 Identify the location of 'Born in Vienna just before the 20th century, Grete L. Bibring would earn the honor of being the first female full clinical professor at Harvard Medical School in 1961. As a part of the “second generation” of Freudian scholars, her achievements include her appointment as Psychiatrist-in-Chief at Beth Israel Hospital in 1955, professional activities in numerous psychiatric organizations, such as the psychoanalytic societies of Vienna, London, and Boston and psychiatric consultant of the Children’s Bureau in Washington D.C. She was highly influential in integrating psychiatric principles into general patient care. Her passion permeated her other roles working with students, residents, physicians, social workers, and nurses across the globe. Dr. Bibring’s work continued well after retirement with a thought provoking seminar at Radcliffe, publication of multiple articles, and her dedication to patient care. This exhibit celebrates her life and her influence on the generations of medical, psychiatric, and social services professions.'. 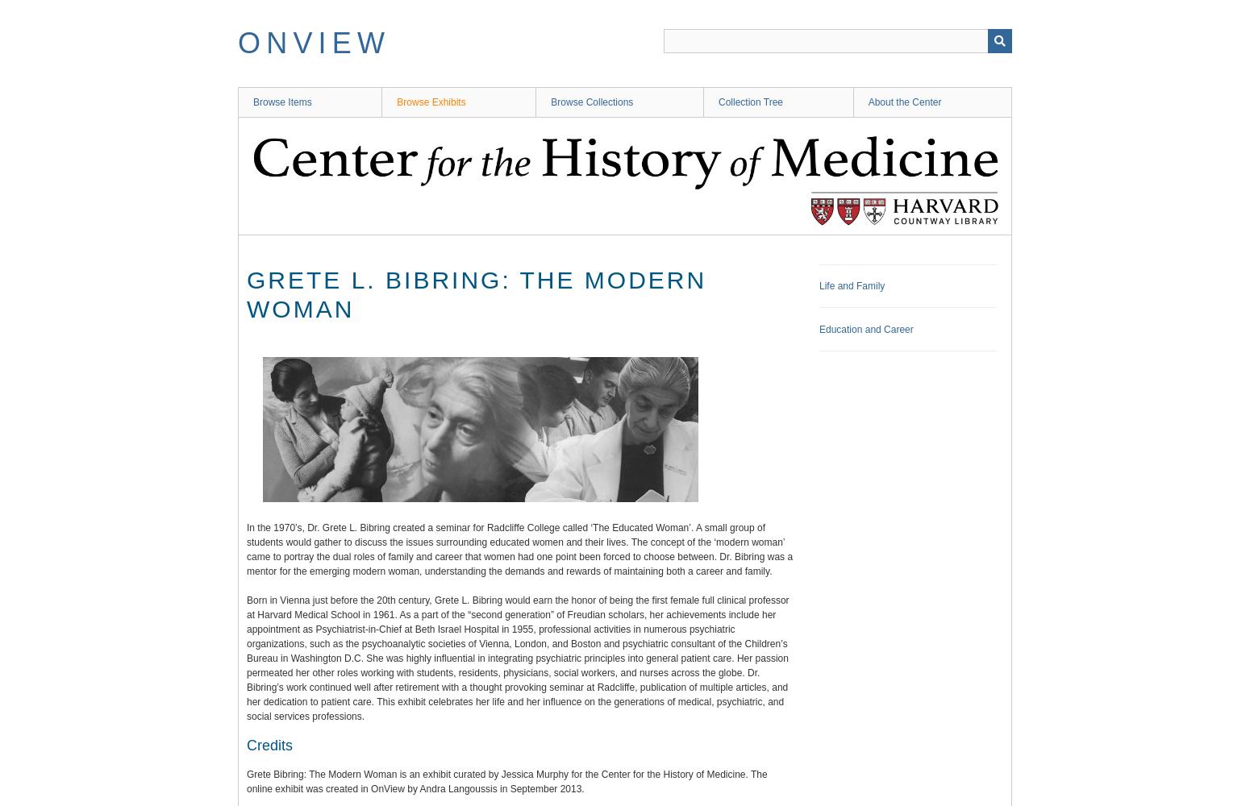
(517, 658).